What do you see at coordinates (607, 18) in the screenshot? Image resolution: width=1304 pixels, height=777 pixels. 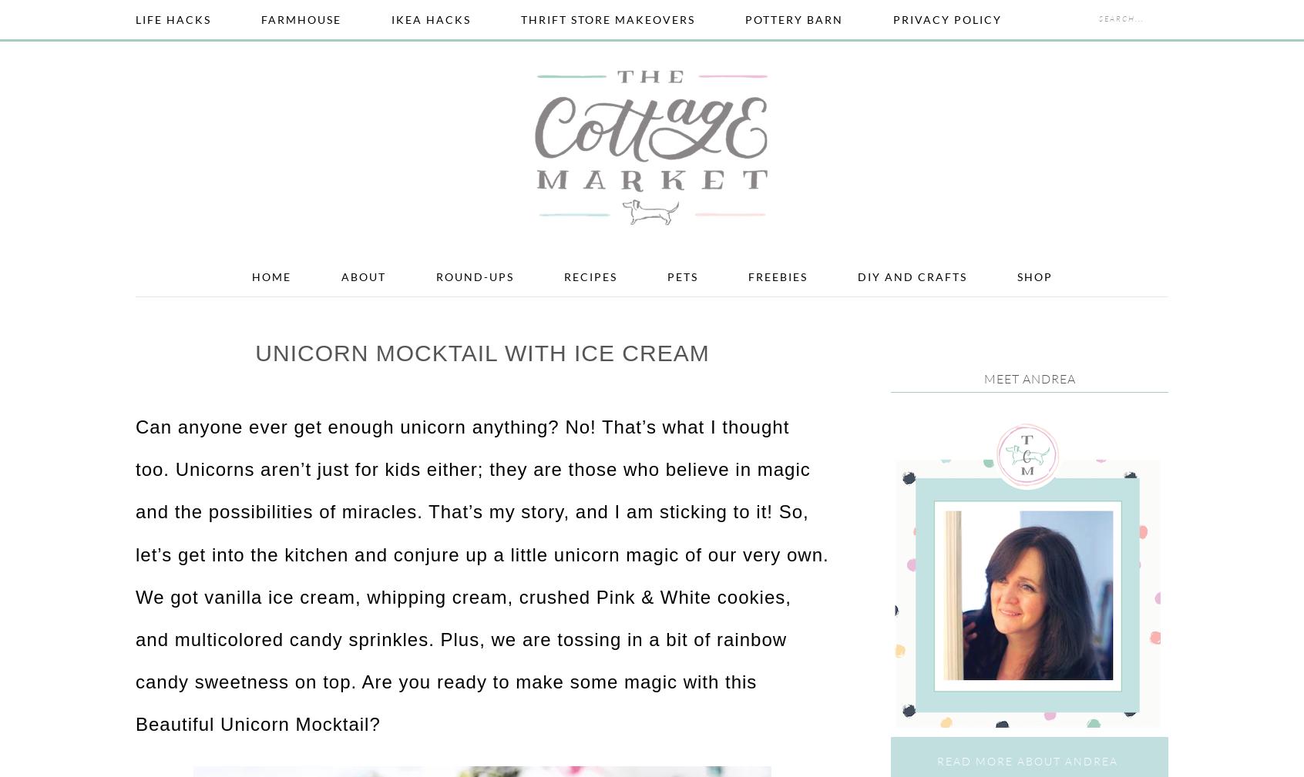 I see `'Thrift Store Makeovers'` at bounding box center [607, 18].